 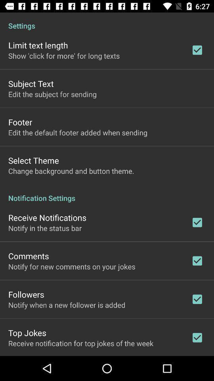 What do you see at coordinates (71, 171) in the screenshot?
I see `the icon below select theme` at bounding box center [71, 171].